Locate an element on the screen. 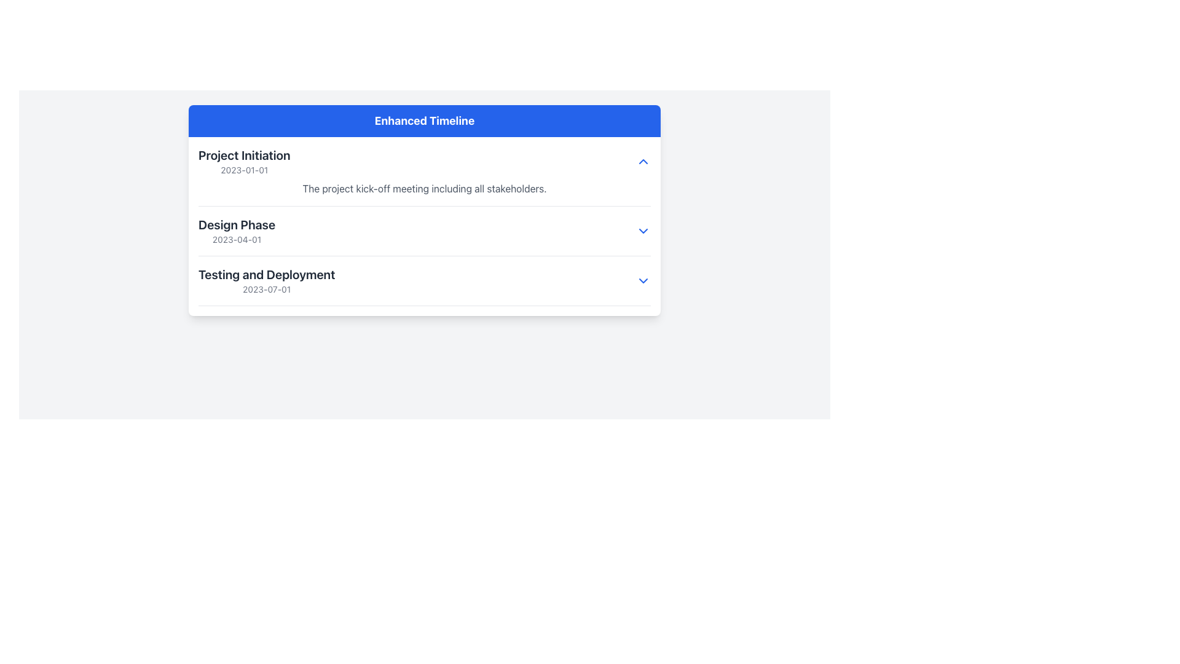  date displayed on the text label indicating the start date of the 'Project Initiation' phase within the timeline is located at coordinates (244, 170).